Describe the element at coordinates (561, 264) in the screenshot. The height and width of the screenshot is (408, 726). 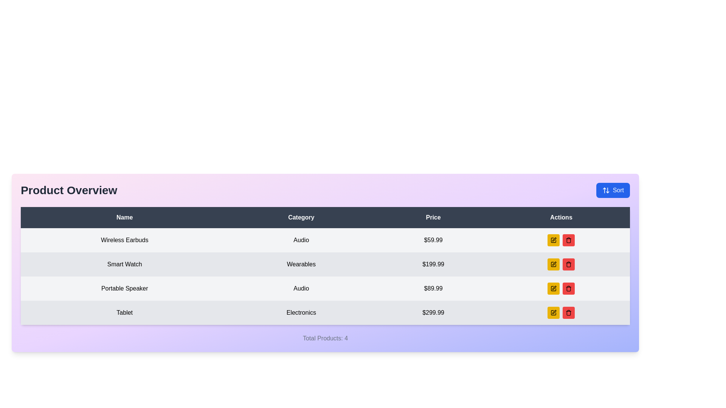
I see `the 'edit' button in the Actions column of the second row to modify the item 'Smart Watch'` at that location.